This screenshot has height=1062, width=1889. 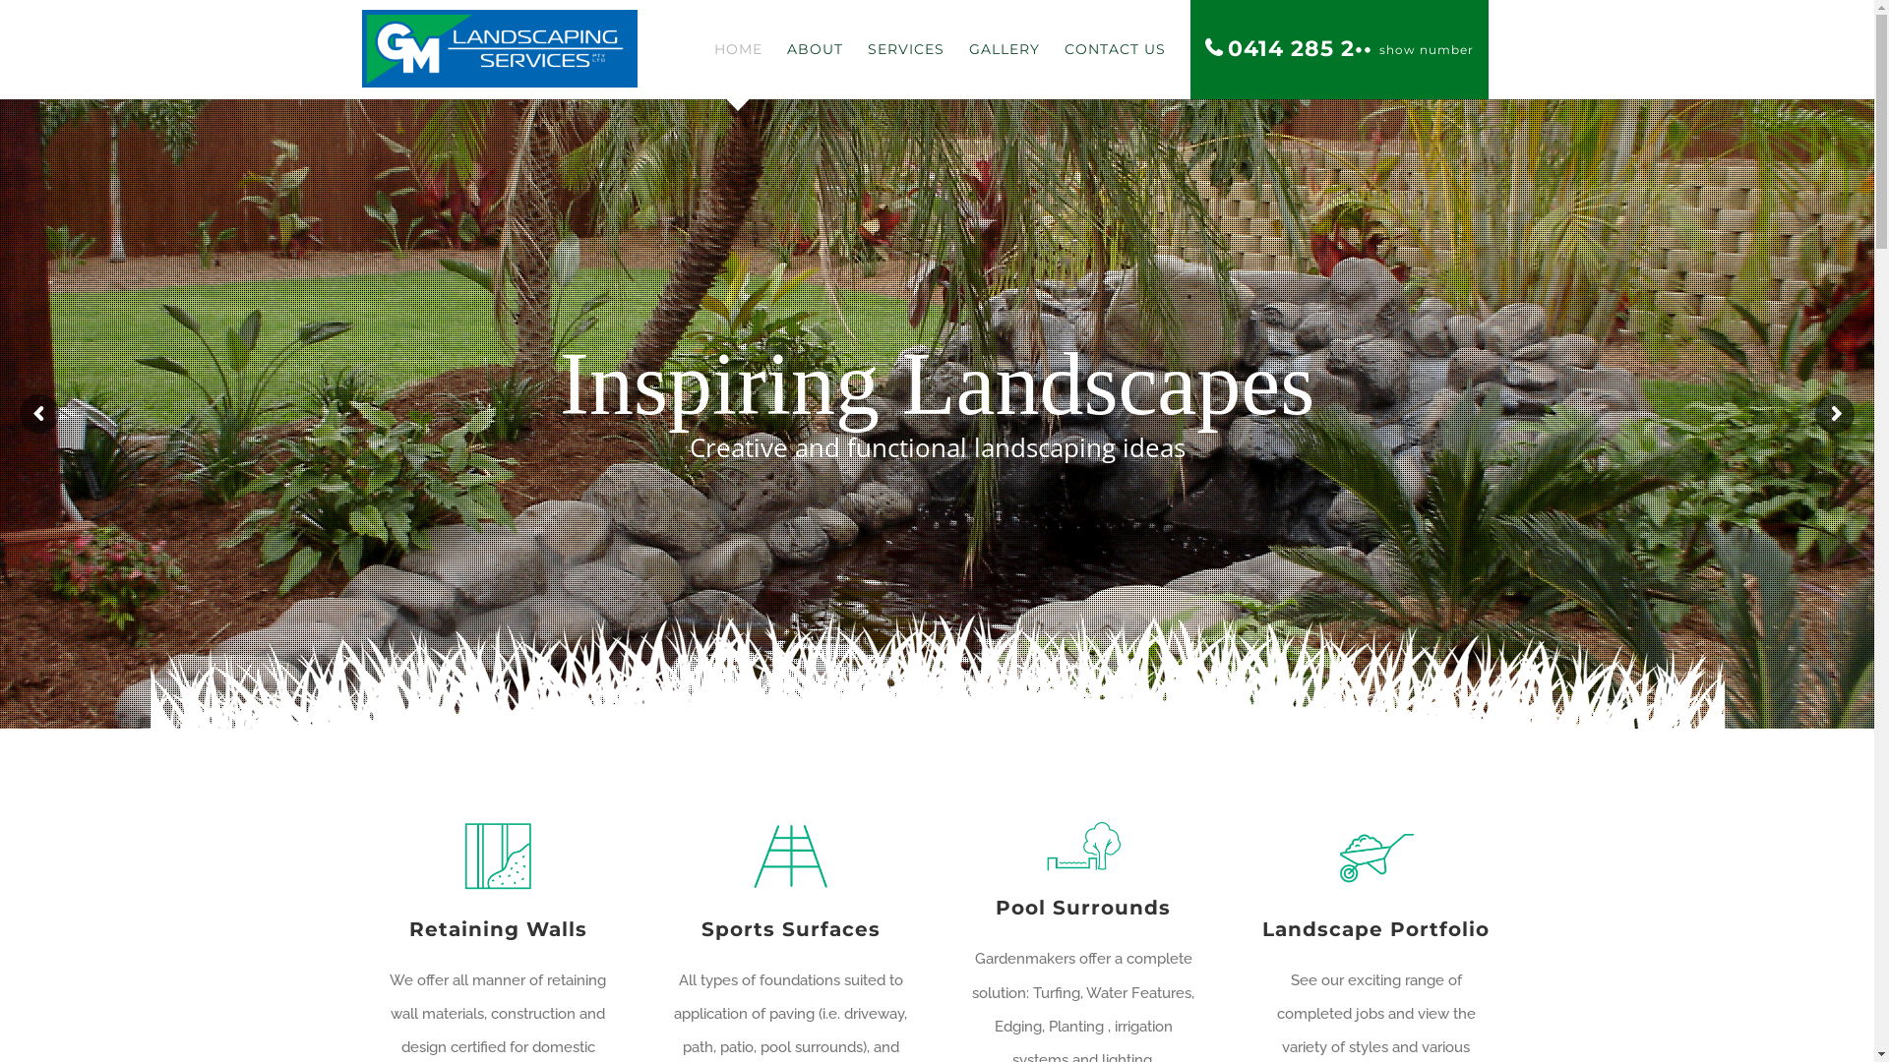 What do you see at coordinates (497, 855) in the screenshot?
I see `'retaining_wall_icon_col'` at bounding box center [497, 855].